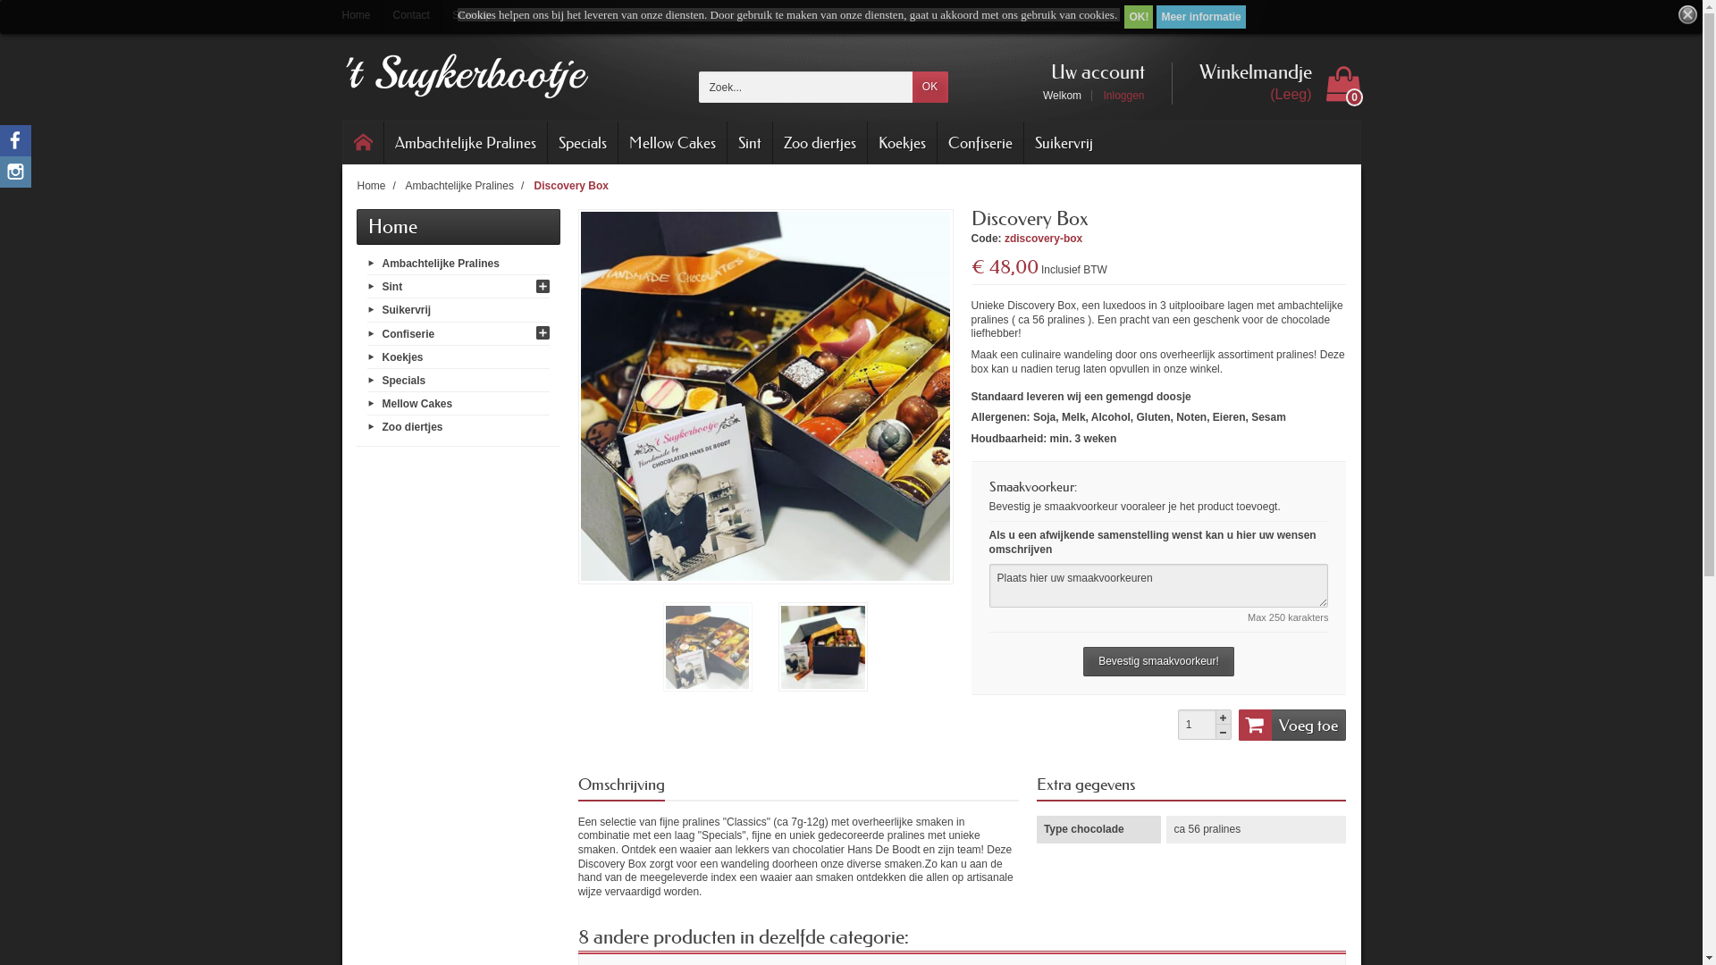 The image size is (1716, 965). What do you see at coordinates (1042, 71) in the screenshot?
I see `'Uw account'` at bounding box center [1042, 71].